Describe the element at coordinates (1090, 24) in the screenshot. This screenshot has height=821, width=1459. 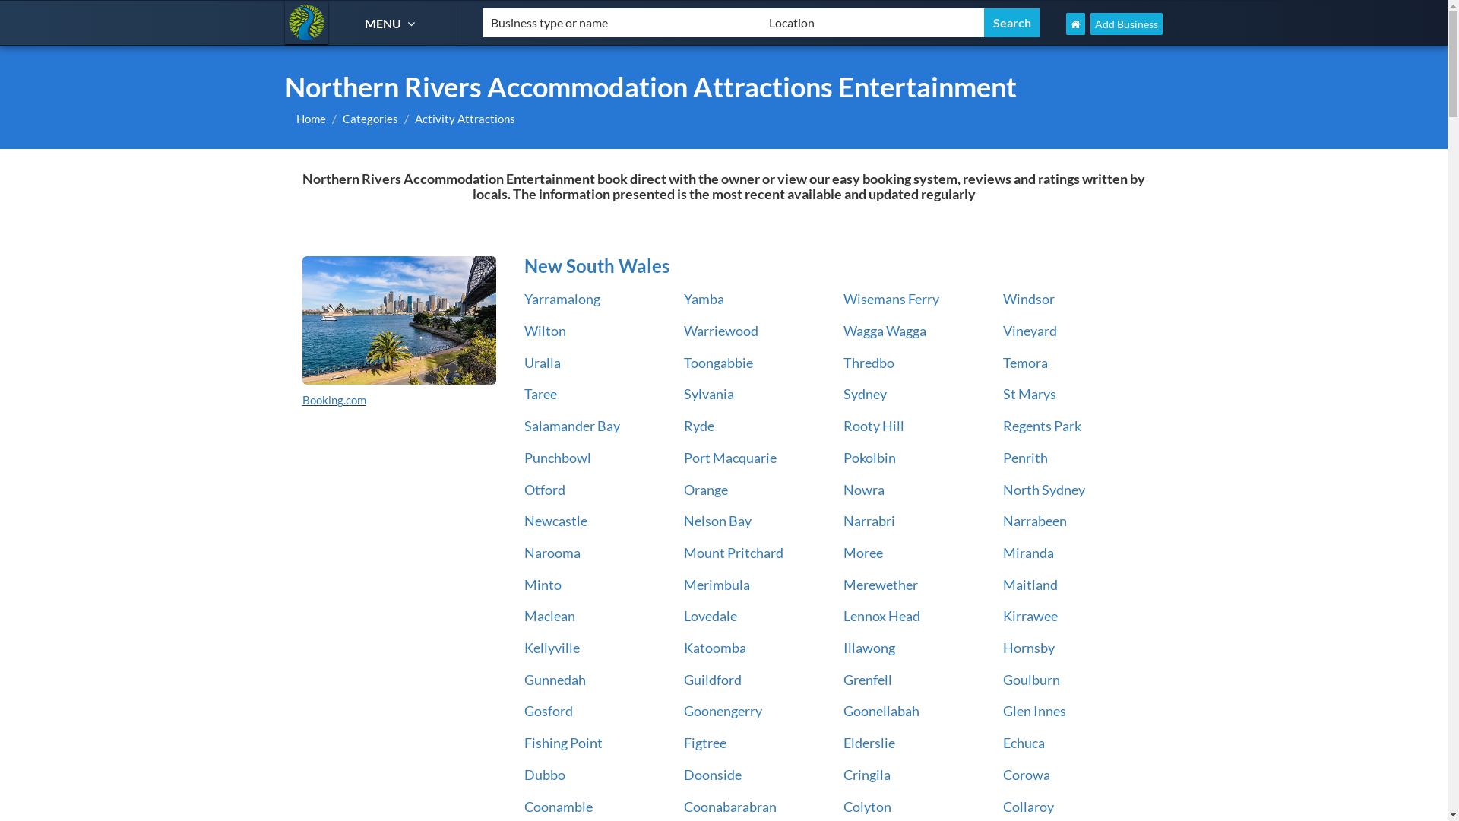
I see `'Add Business'` at that location.